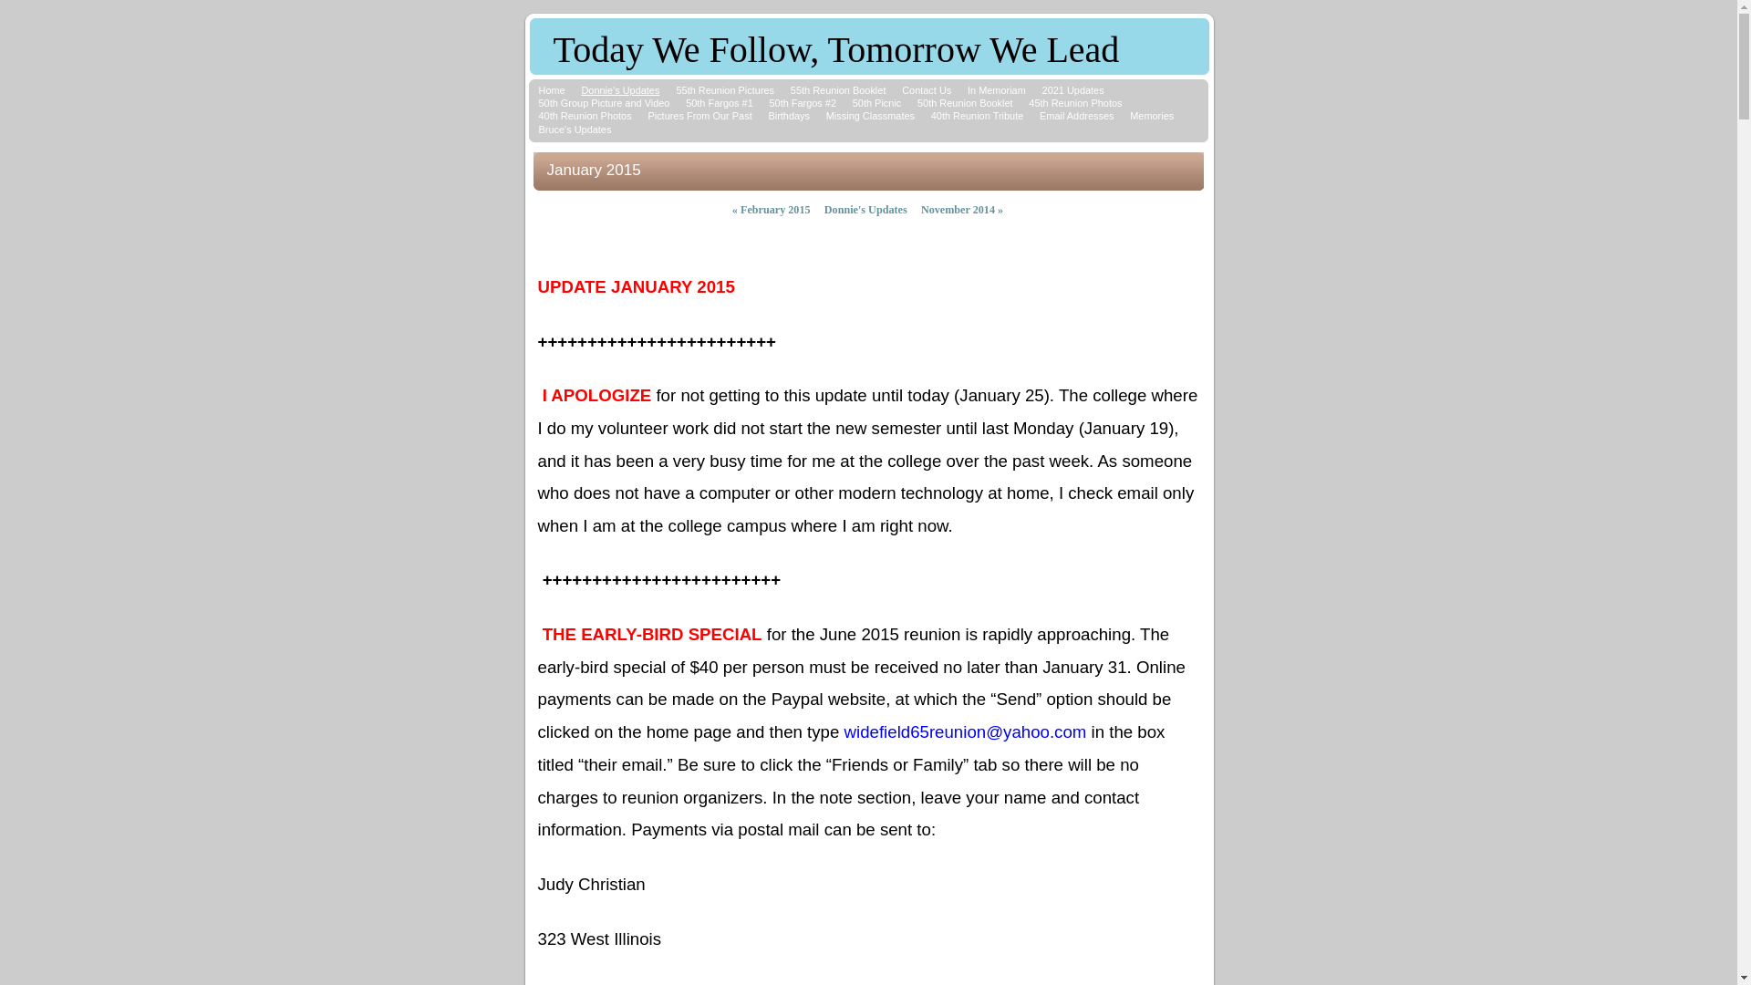 The height and width of the screenshot is (985, 1751). I want to click on '55th Reunion Booklet', so click(791, 90).